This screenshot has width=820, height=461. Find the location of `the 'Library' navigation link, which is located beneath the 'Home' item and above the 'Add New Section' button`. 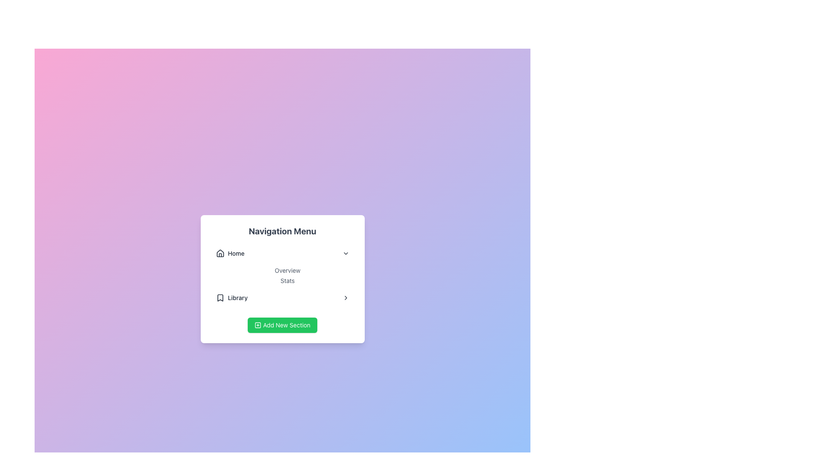

the 'Library' navigation link, which is located beneath the 'Home' item and above the 'Add New Section' button is located at coordinates (231, 298).